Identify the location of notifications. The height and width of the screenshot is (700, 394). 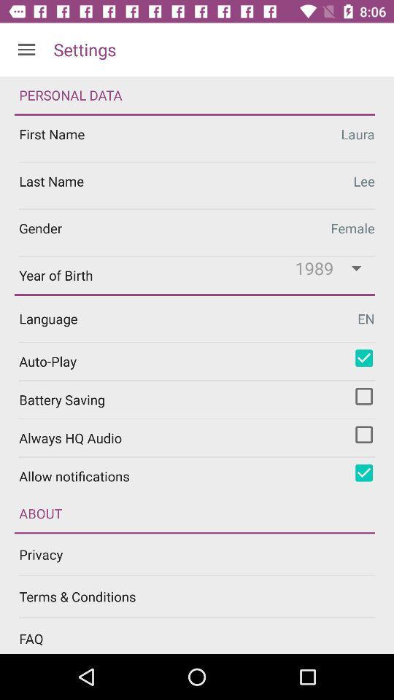
(363, 472).